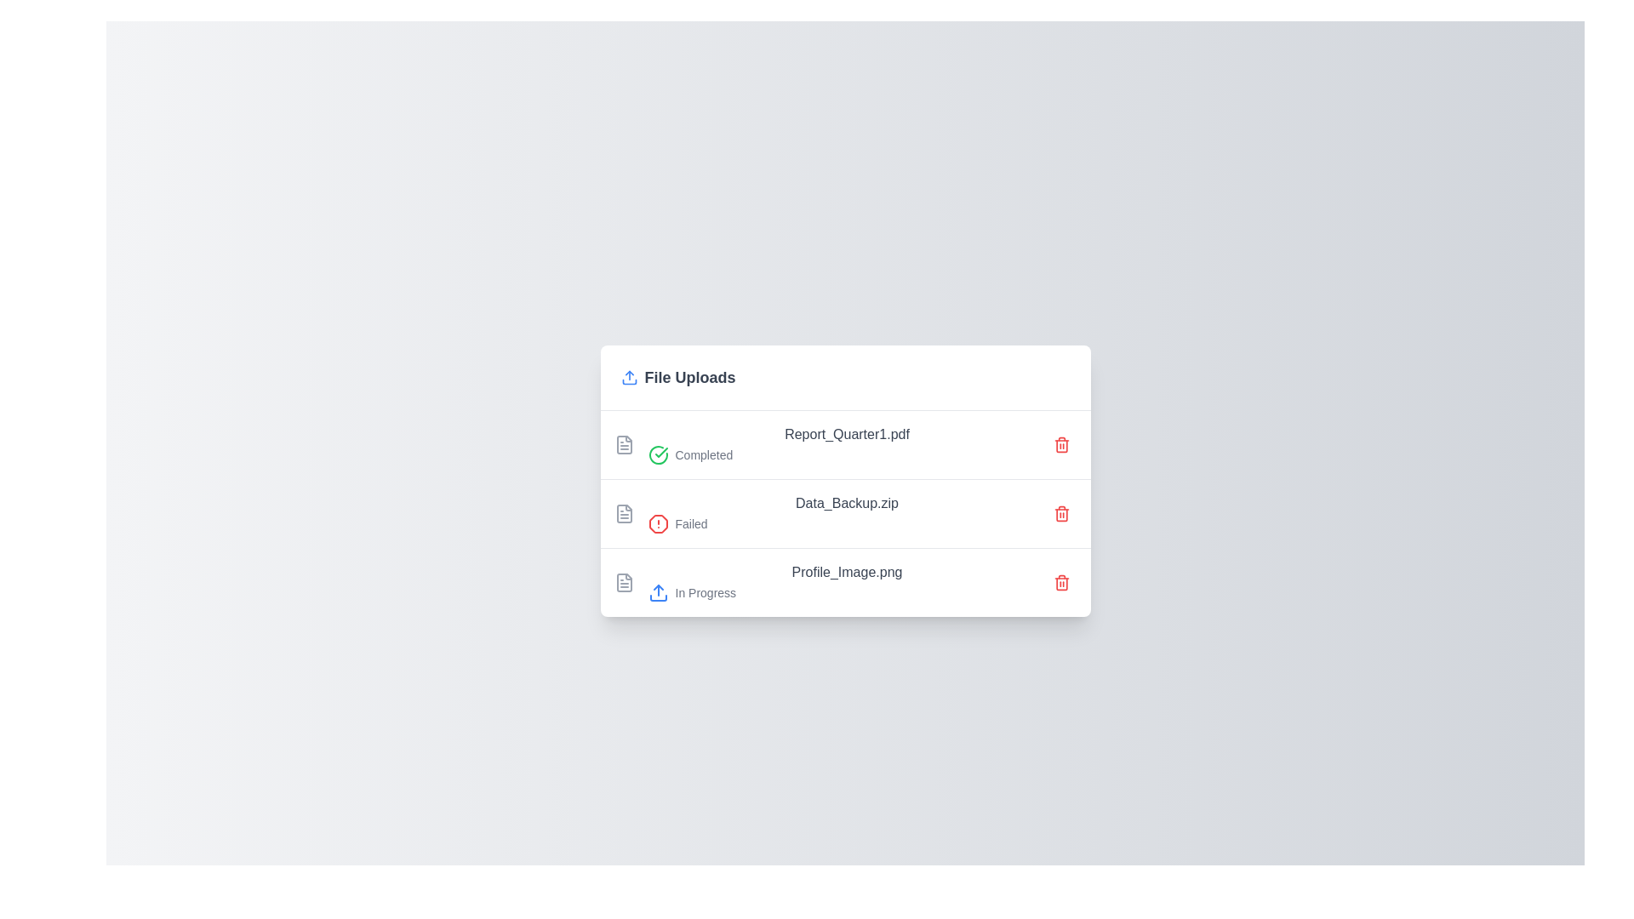  I want to click on the trash can icon button styled in red, located at the far right end of the listing for 'Data_Backup.zip' to observe the hover style change, so click(1060, 512).